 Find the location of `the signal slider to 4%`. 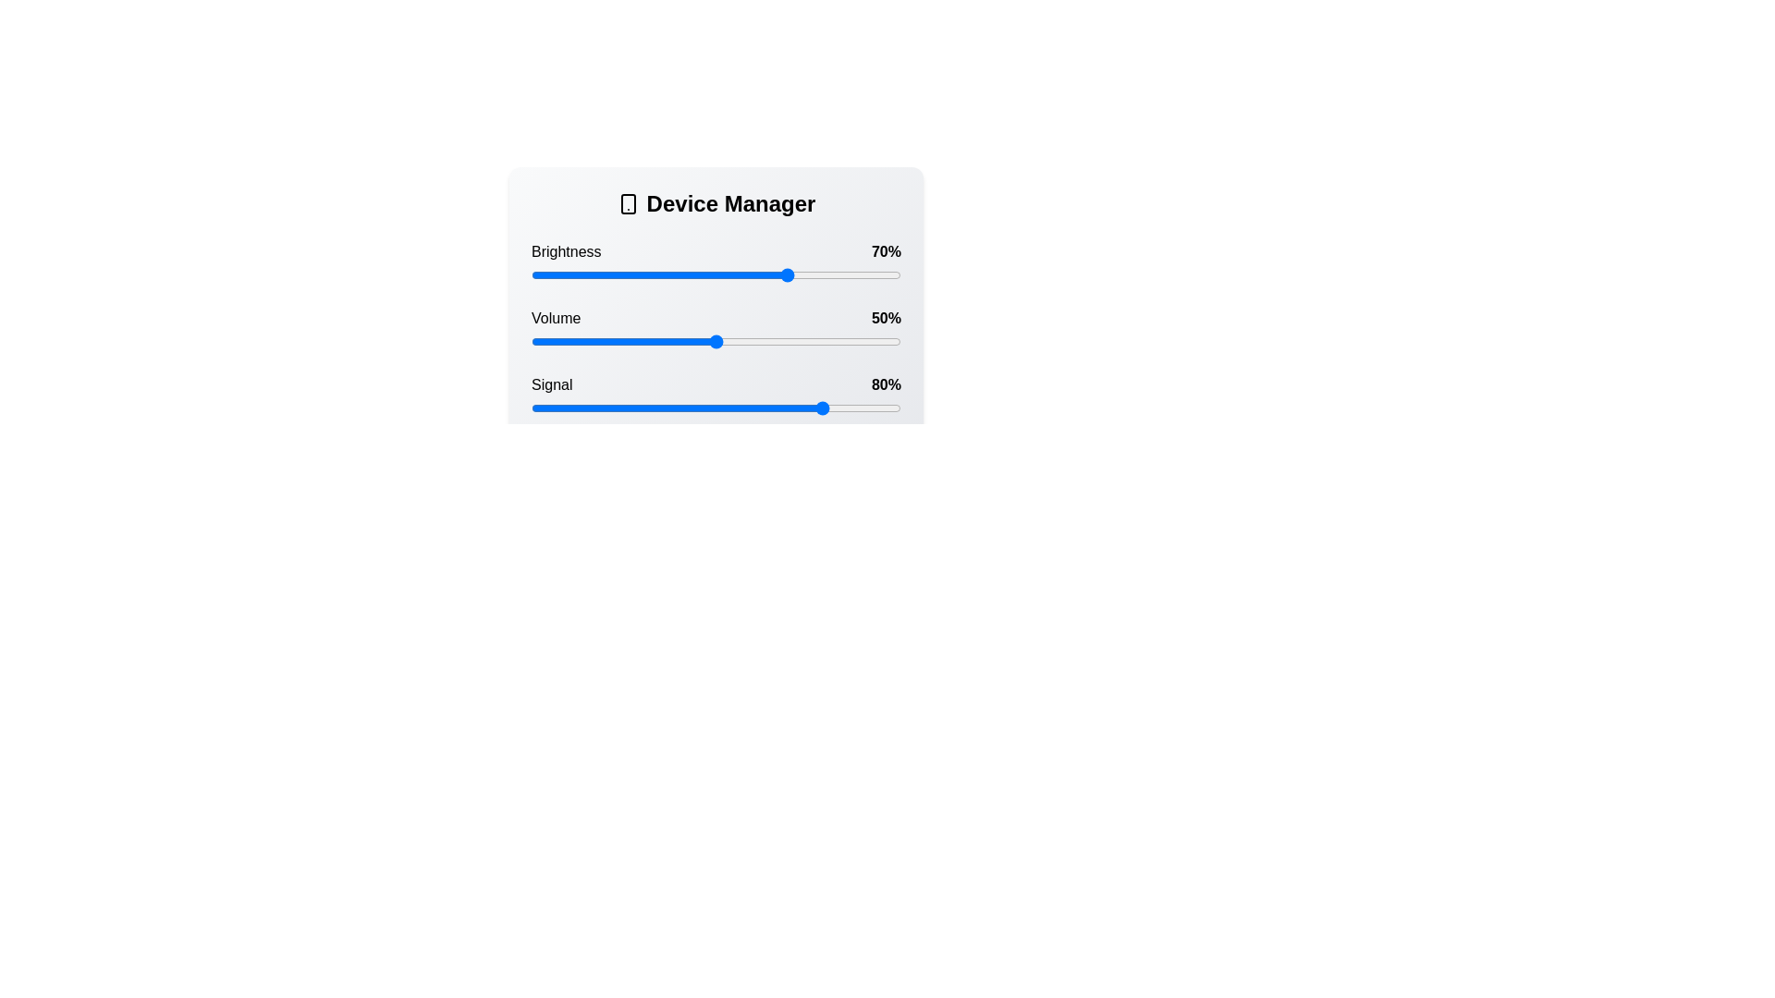

the signal slider to 4% is located at coordinates (545, 408).